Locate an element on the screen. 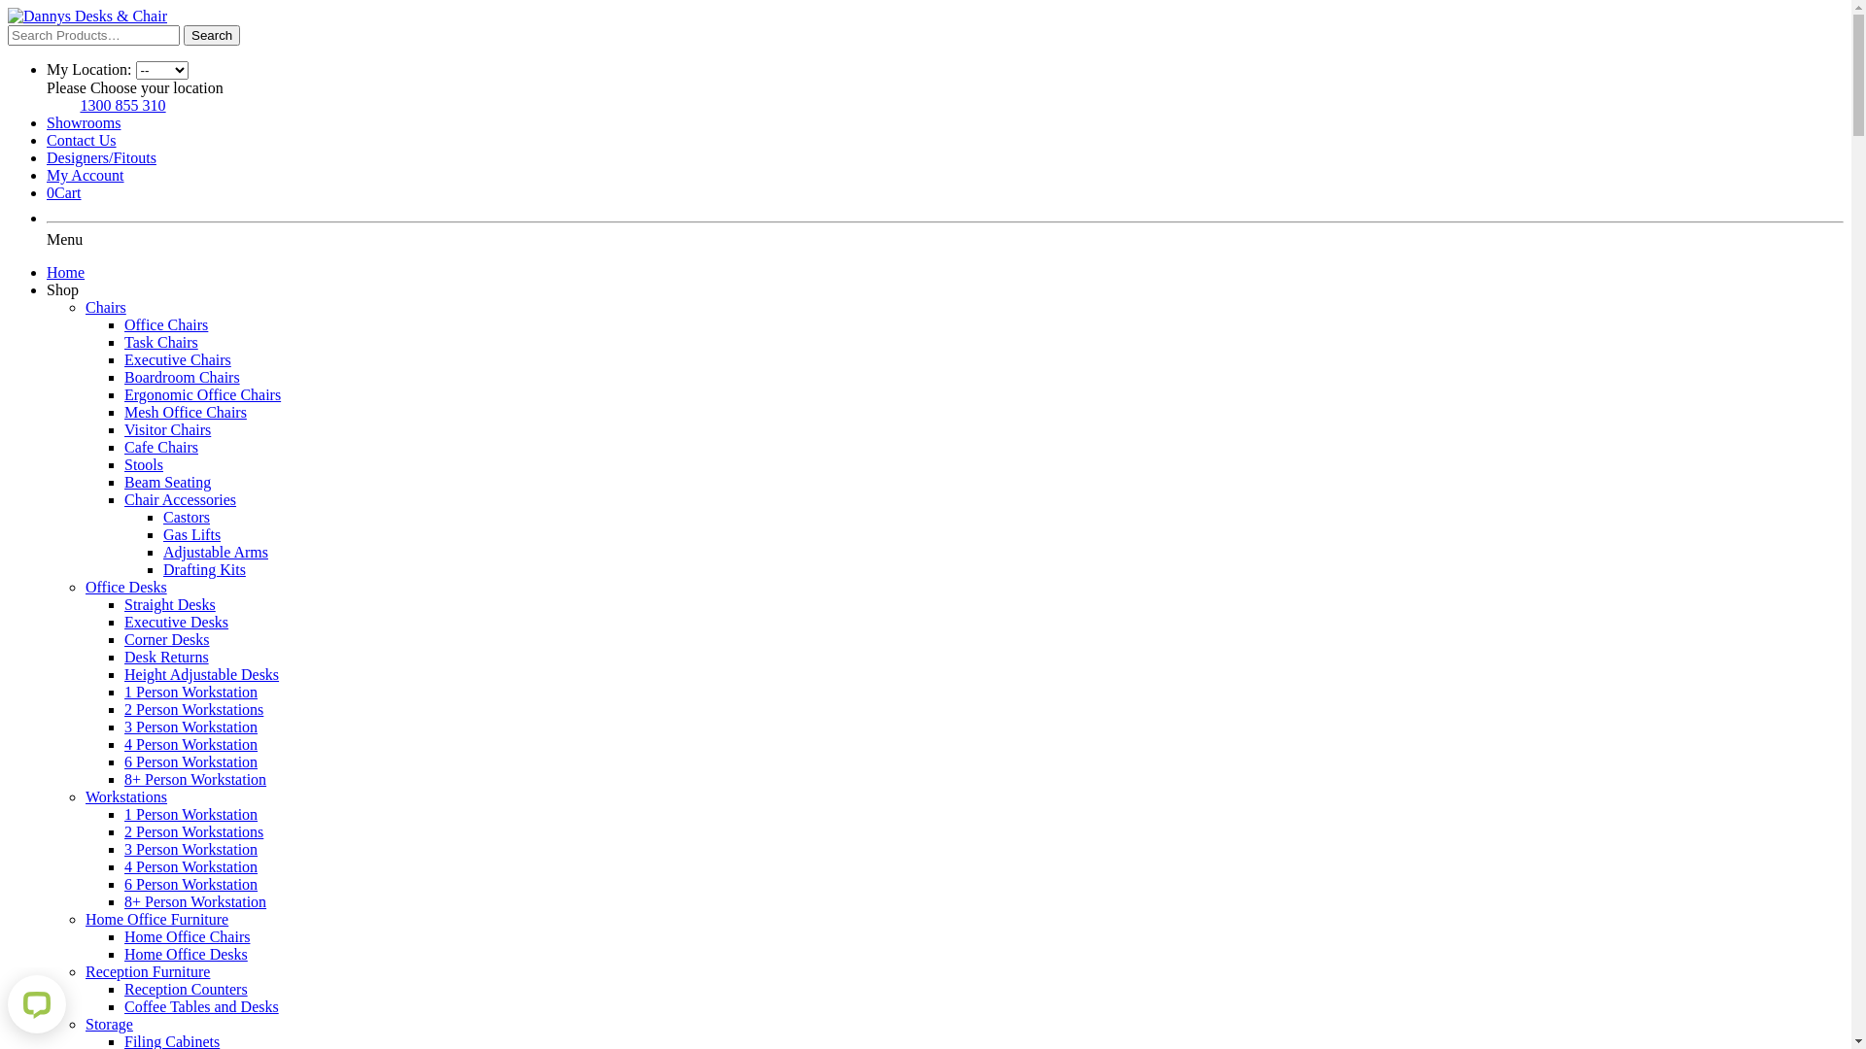  'Search' is located at coordinates (211, 35).